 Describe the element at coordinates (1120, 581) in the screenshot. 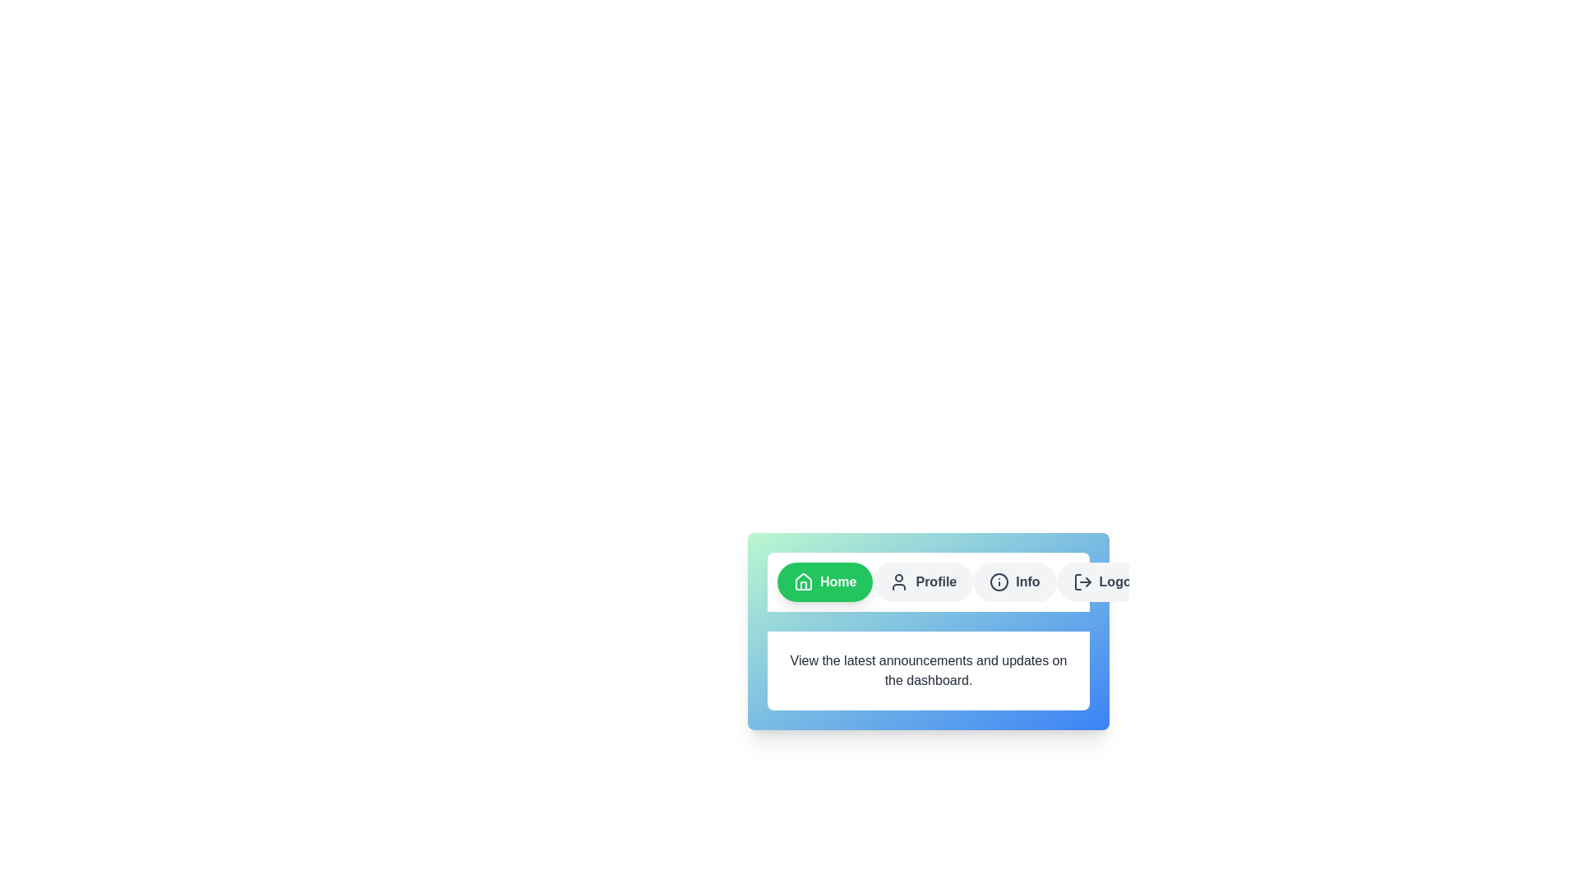

I see `the 'Logout' text label, which is styled with a bold dark-gray font on a light background and located on the right side of the horizontal navigation bar after the 'Info' button` at that location.